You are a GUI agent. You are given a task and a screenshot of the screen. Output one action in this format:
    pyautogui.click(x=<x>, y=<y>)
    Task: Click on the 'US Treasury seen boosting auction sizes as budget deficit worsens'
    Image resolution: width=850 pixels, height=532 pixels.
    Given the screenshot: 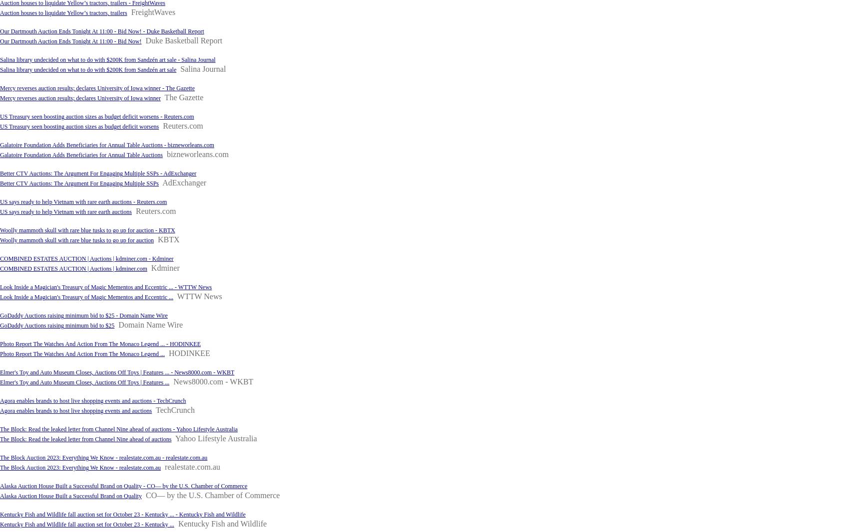 What is the action you would take?
    pyautogui.click(x=0, y=127)
    